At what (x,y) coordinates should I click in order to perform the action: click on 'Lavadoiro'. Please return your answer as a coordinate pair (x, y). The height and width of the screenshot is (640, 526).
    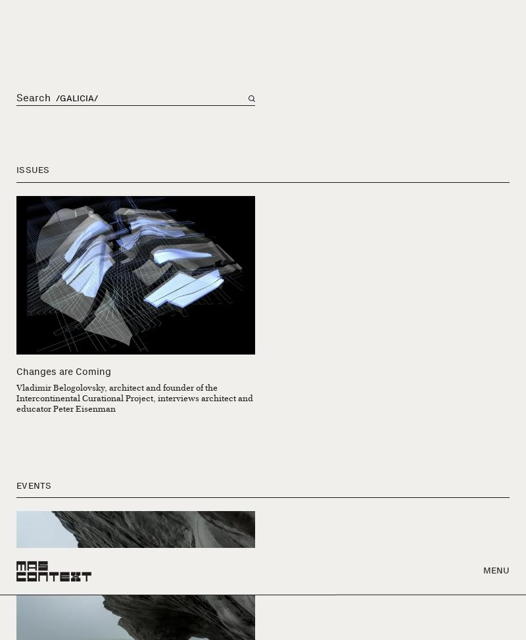
    Looking at the image, I should click on (293, 417).